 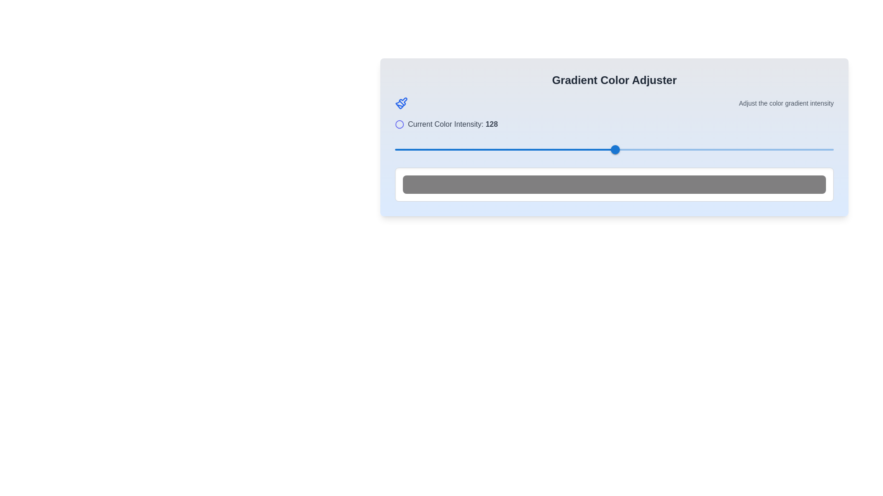 What do you see at coordinates (614, 79) in the screenshot?
I see `the bold, centered title text styled with a '2xl' font size and semibold weight, which is dark gray on a light background` at bounding box center [614, 79].